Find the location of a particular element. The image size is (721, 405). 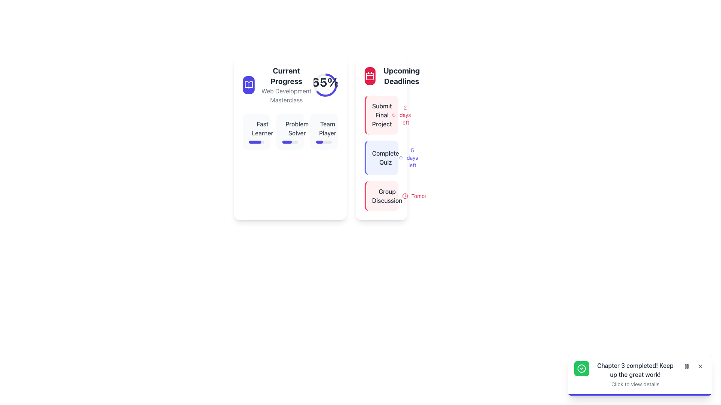

the animation of the indigo progress bar located at the bottom edge of the notification panel that displays 'Chapter 3 completed! Keep up the great work!' is located at coordinates (632, 394).